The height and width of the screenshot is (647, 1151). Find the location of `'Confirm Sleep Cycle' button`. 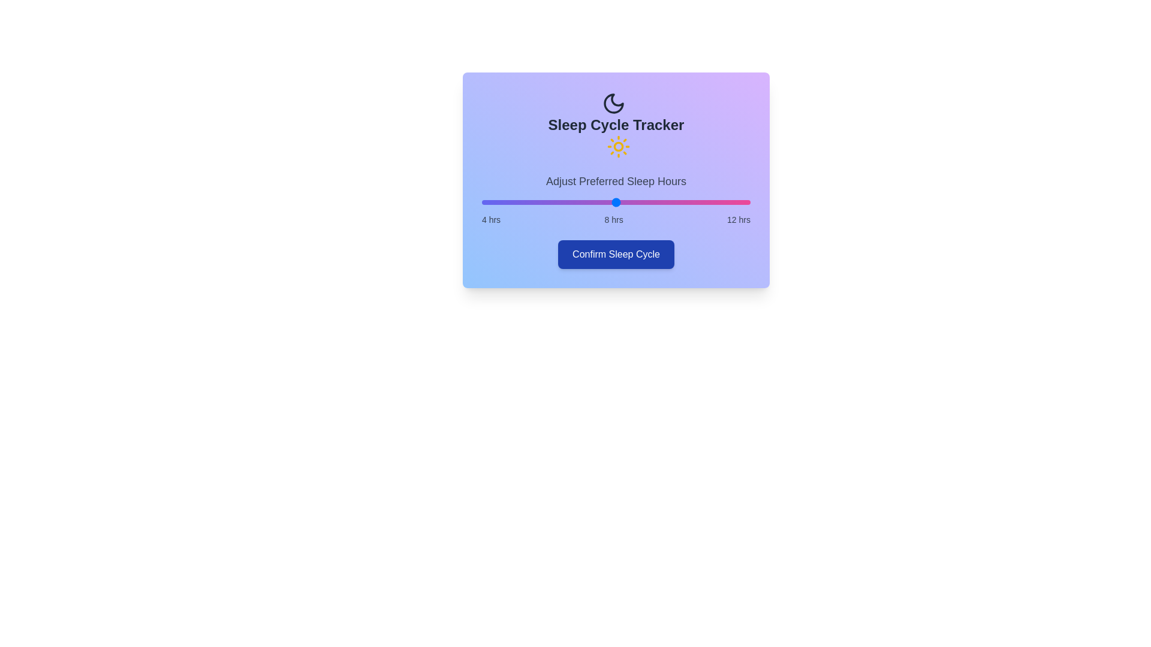

'Confirm Sleep Cycle' button is located at coordinates (616, 253).